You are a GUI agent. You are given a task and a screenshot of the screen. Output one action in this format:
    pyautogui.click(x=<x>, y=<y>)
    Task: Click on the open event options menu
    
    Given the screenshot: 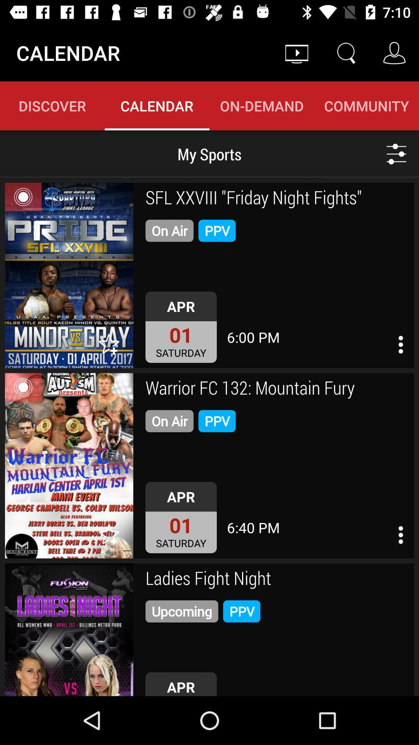 What is the action you would take?
    pyautogui.click(x=401, y=344)
    